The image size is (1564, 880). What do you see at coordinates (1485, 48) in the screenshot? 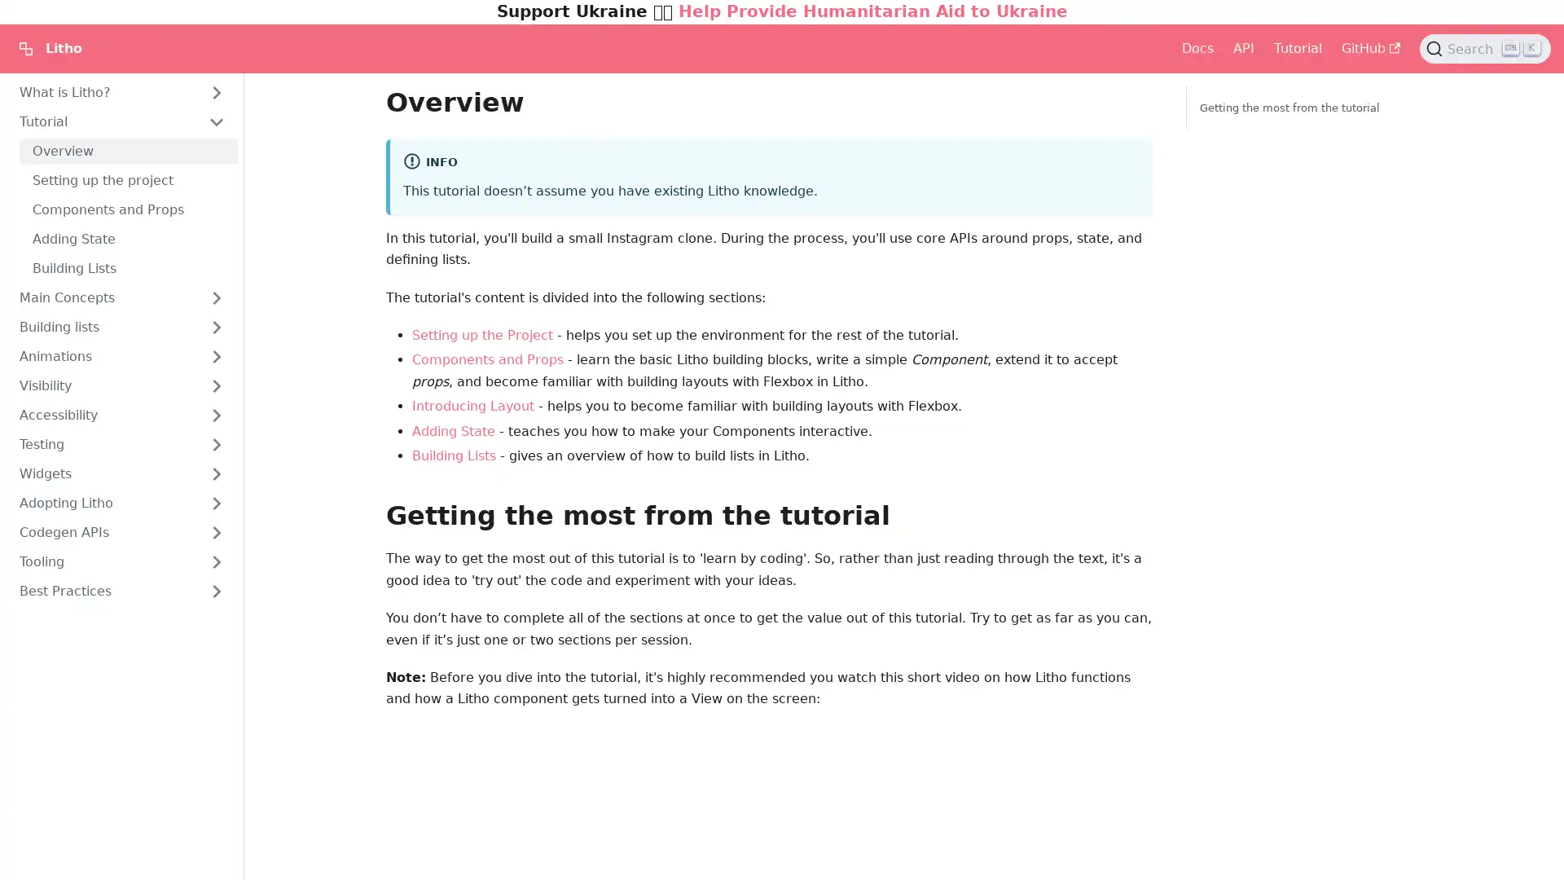
I see `Search` at bounding box center [1485, 48].